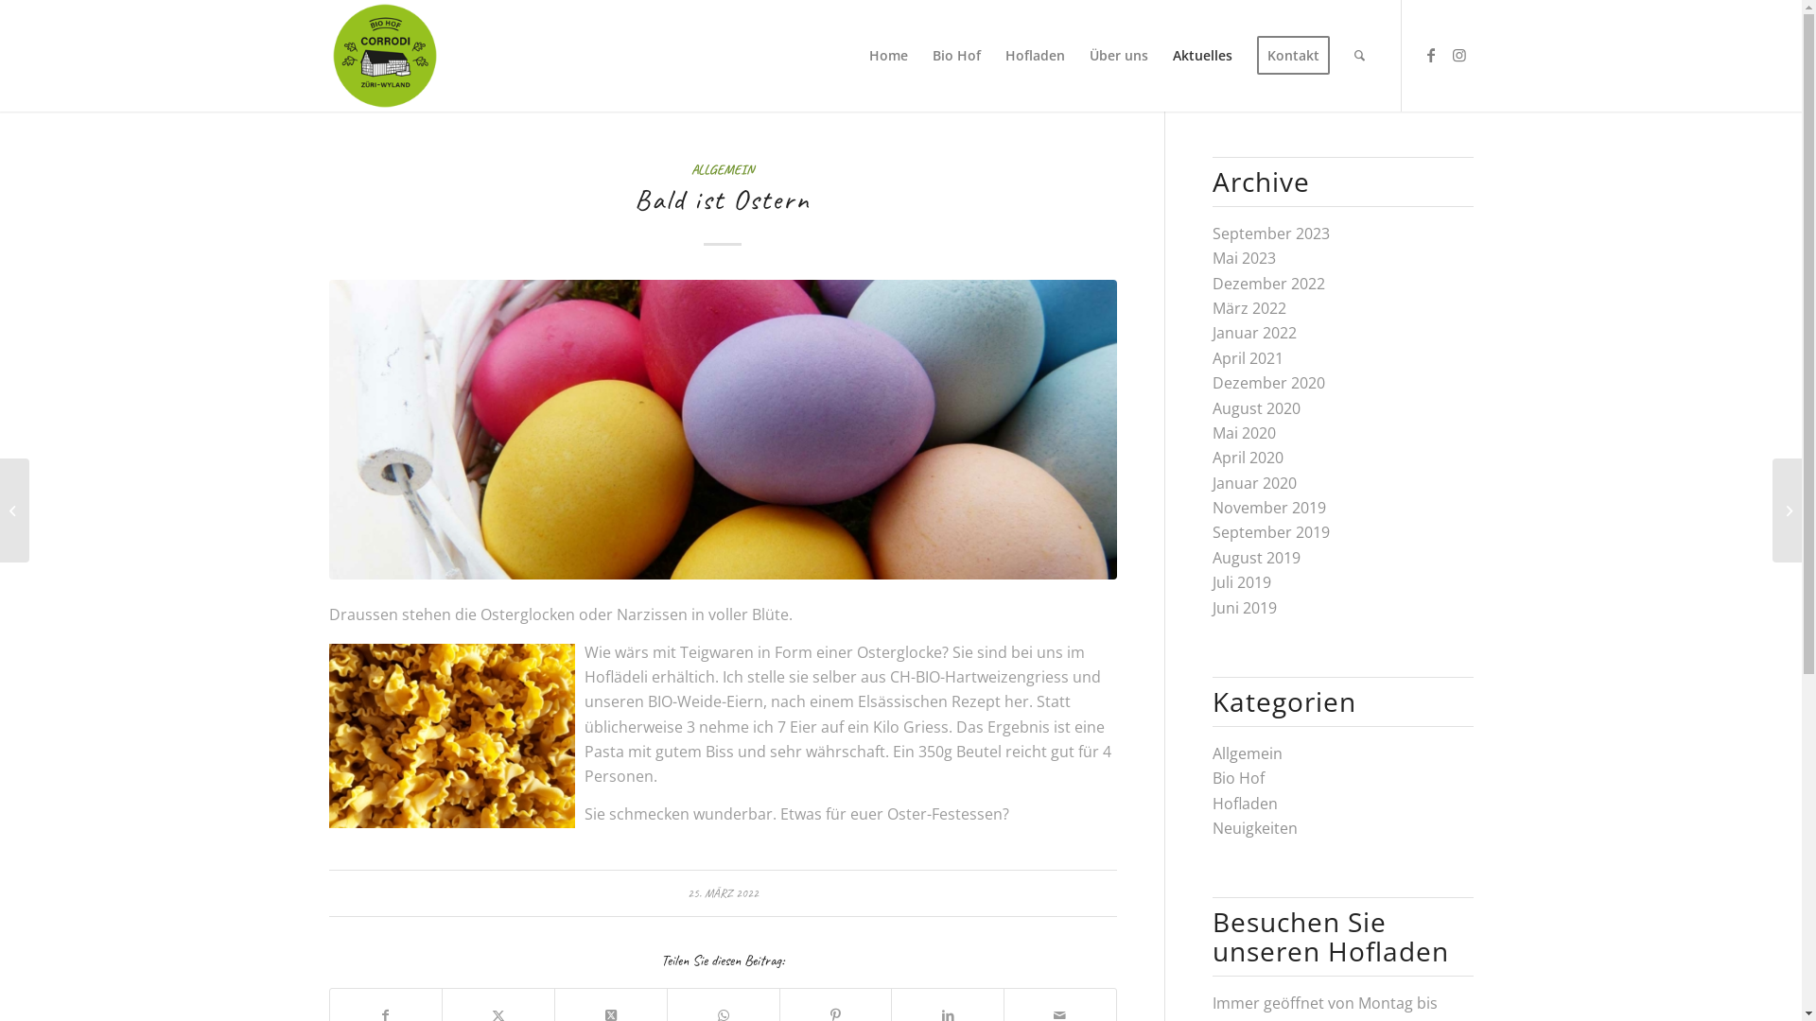  What do you see at coordinates (690, 167) in the screenshot?
I see `'ALLGEMEIN'` at bounding box center [690, 167].